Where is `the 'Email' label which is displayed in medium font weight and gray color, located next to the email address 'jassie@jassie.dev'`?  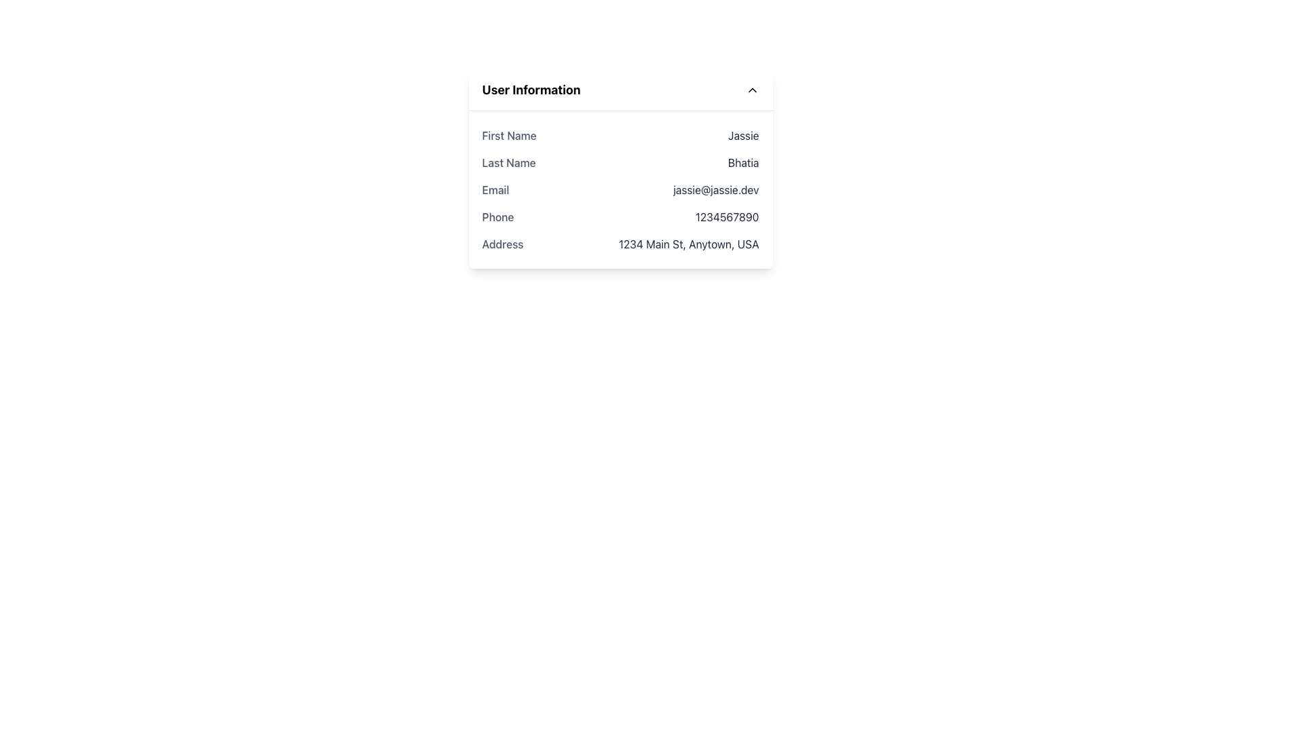
the 'Email' label which is displayed in medium font weight and gray color, located next to the email address 'jassie@jassie.dev' is located at coordinates (495, 190).